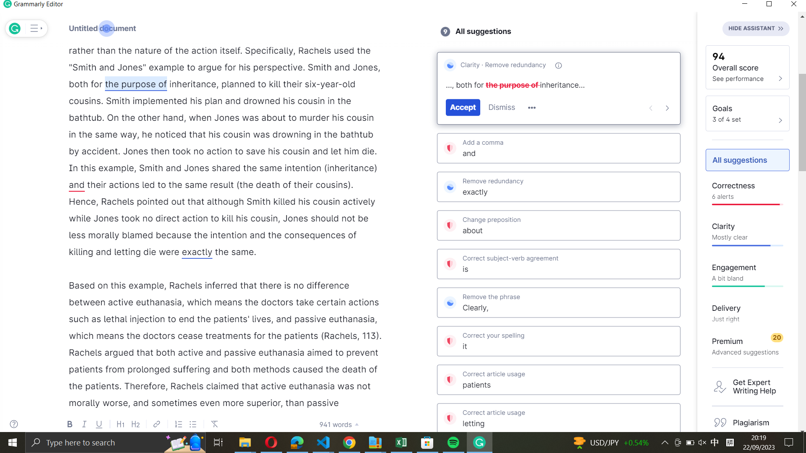 Image resolution: width=806 pixels, height=453 pixels. I want to click on Grammarly"s suggested fix for the term "inheritance, so click(192, 84).